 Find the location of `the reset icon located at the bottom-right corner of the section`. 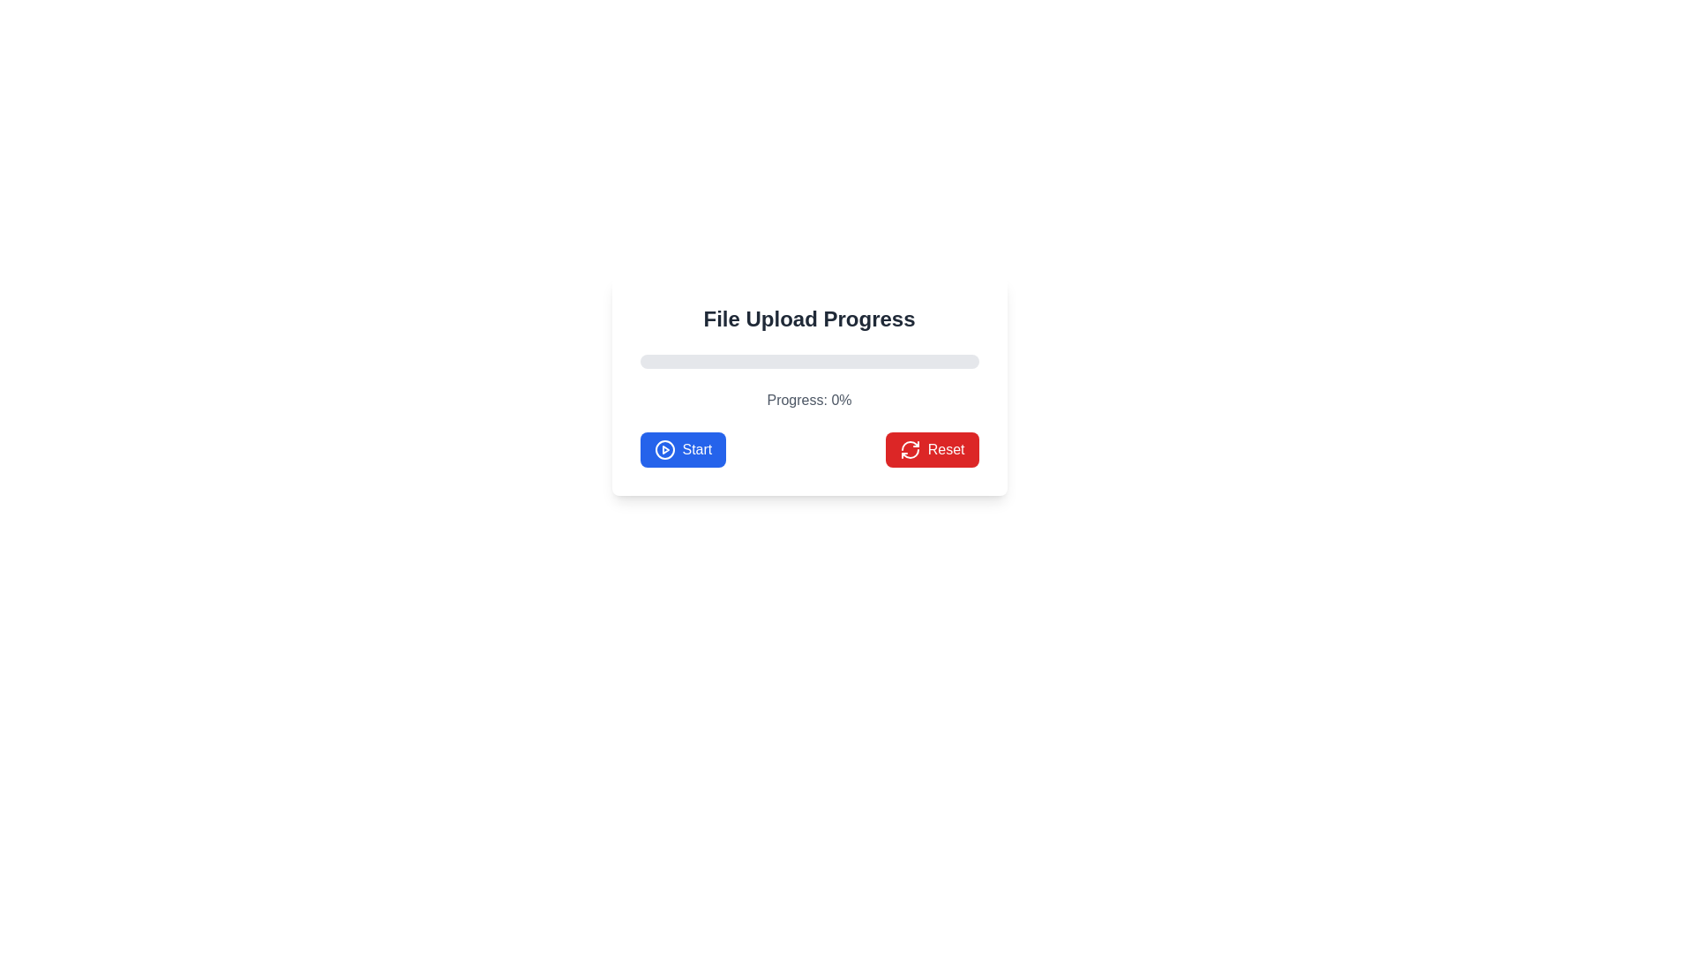

the reset icon located at the bottom-right corner of the section is located at coordinates (910, 448).